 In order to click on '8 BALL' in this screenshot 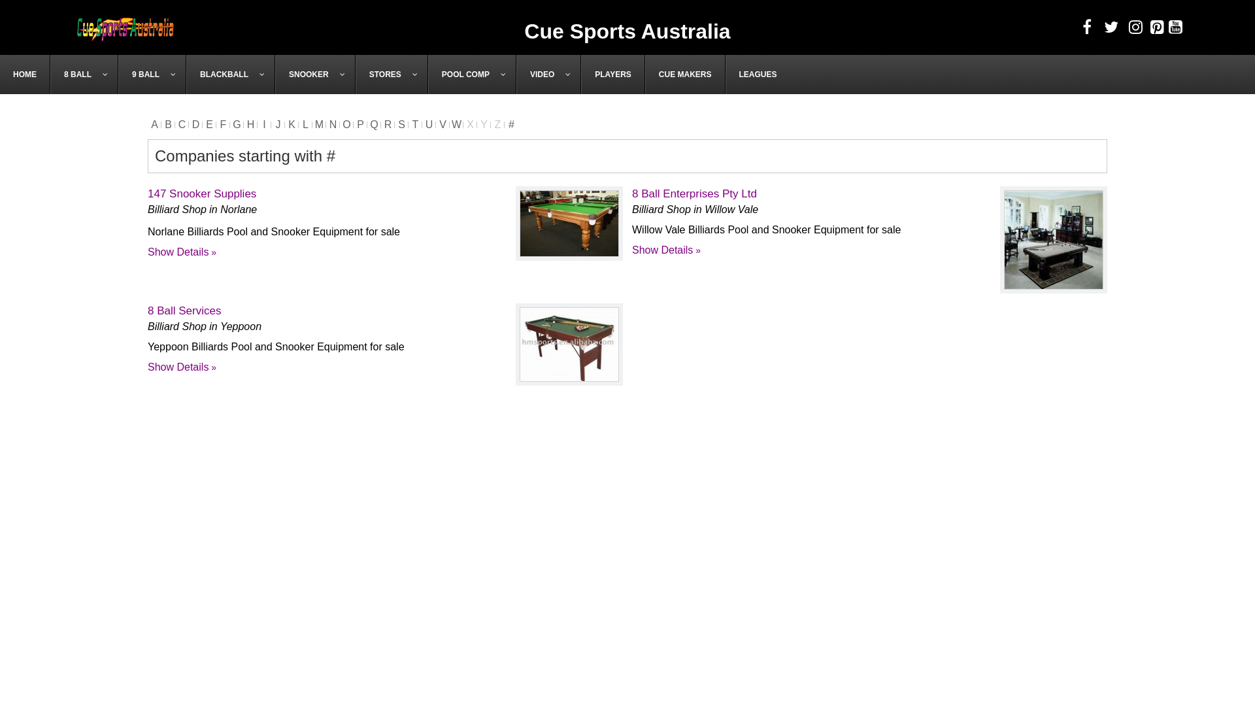, I will do `click(84, 75)`.